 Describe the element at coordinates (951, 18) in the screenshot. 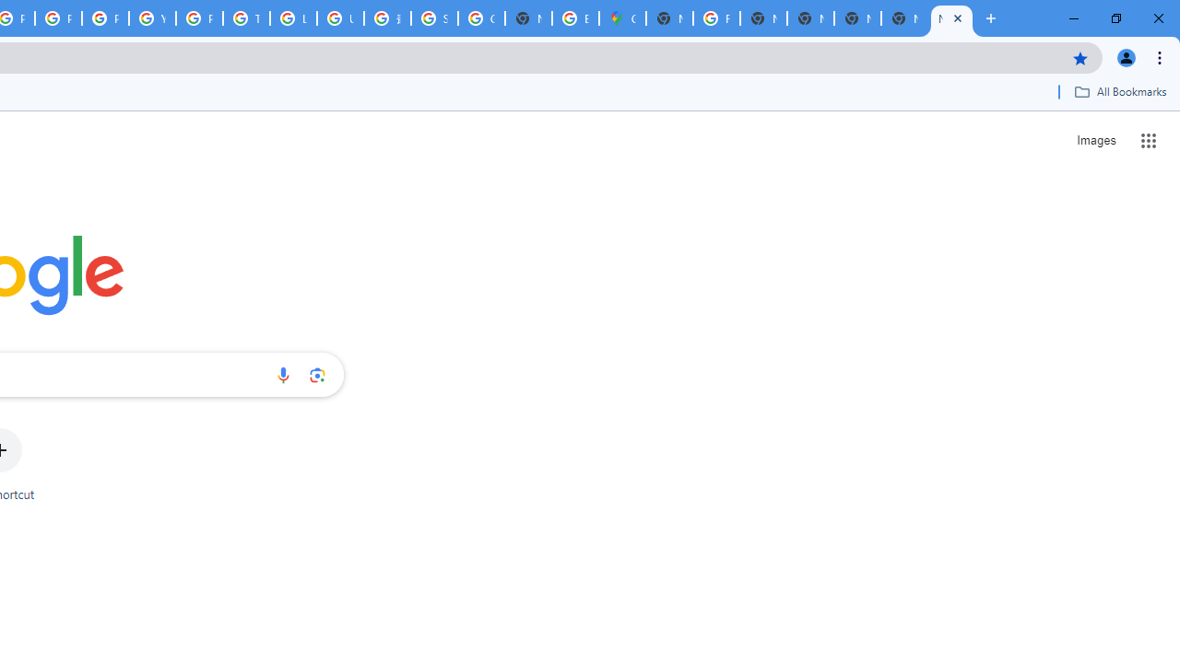

I see `'New Tab'` at that location.